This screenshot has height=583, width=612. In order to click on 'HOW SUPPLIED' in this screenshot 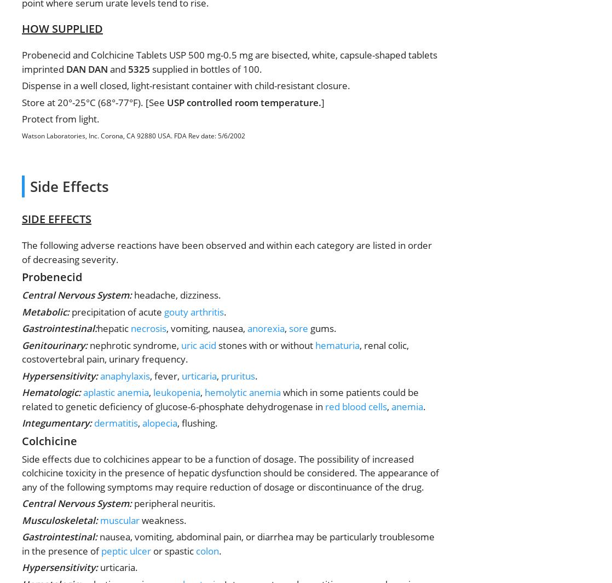, I will do `click(22, 28)`.